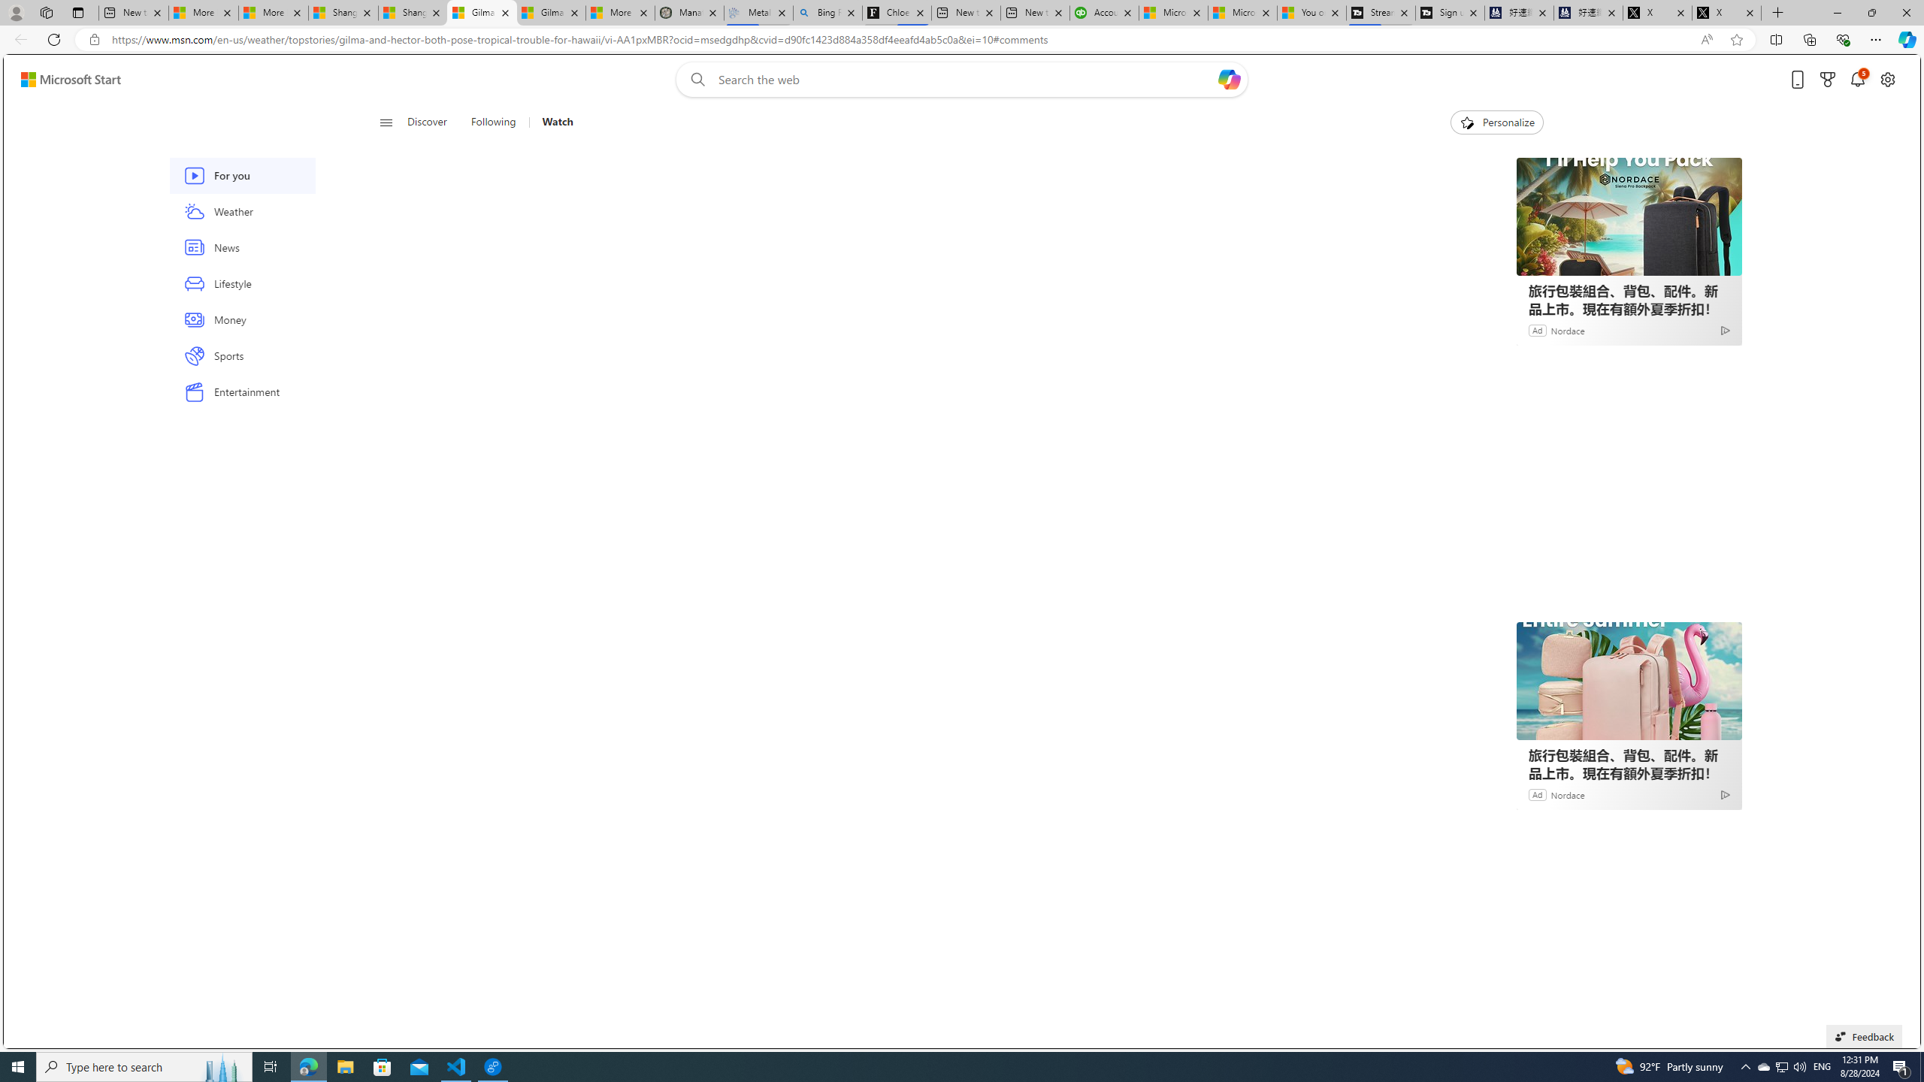 The height and width of the screenshot is (1082, 1924). Describe the element at coordinates (61, 78) in the screenshot. I see `'Skip to footer'` at that location.